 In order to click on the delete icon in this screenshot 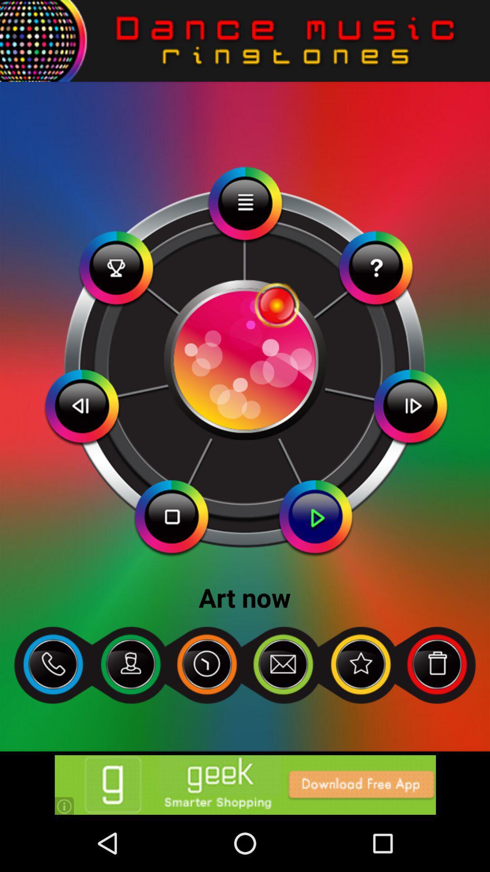, I will do `click(436, 711)`.